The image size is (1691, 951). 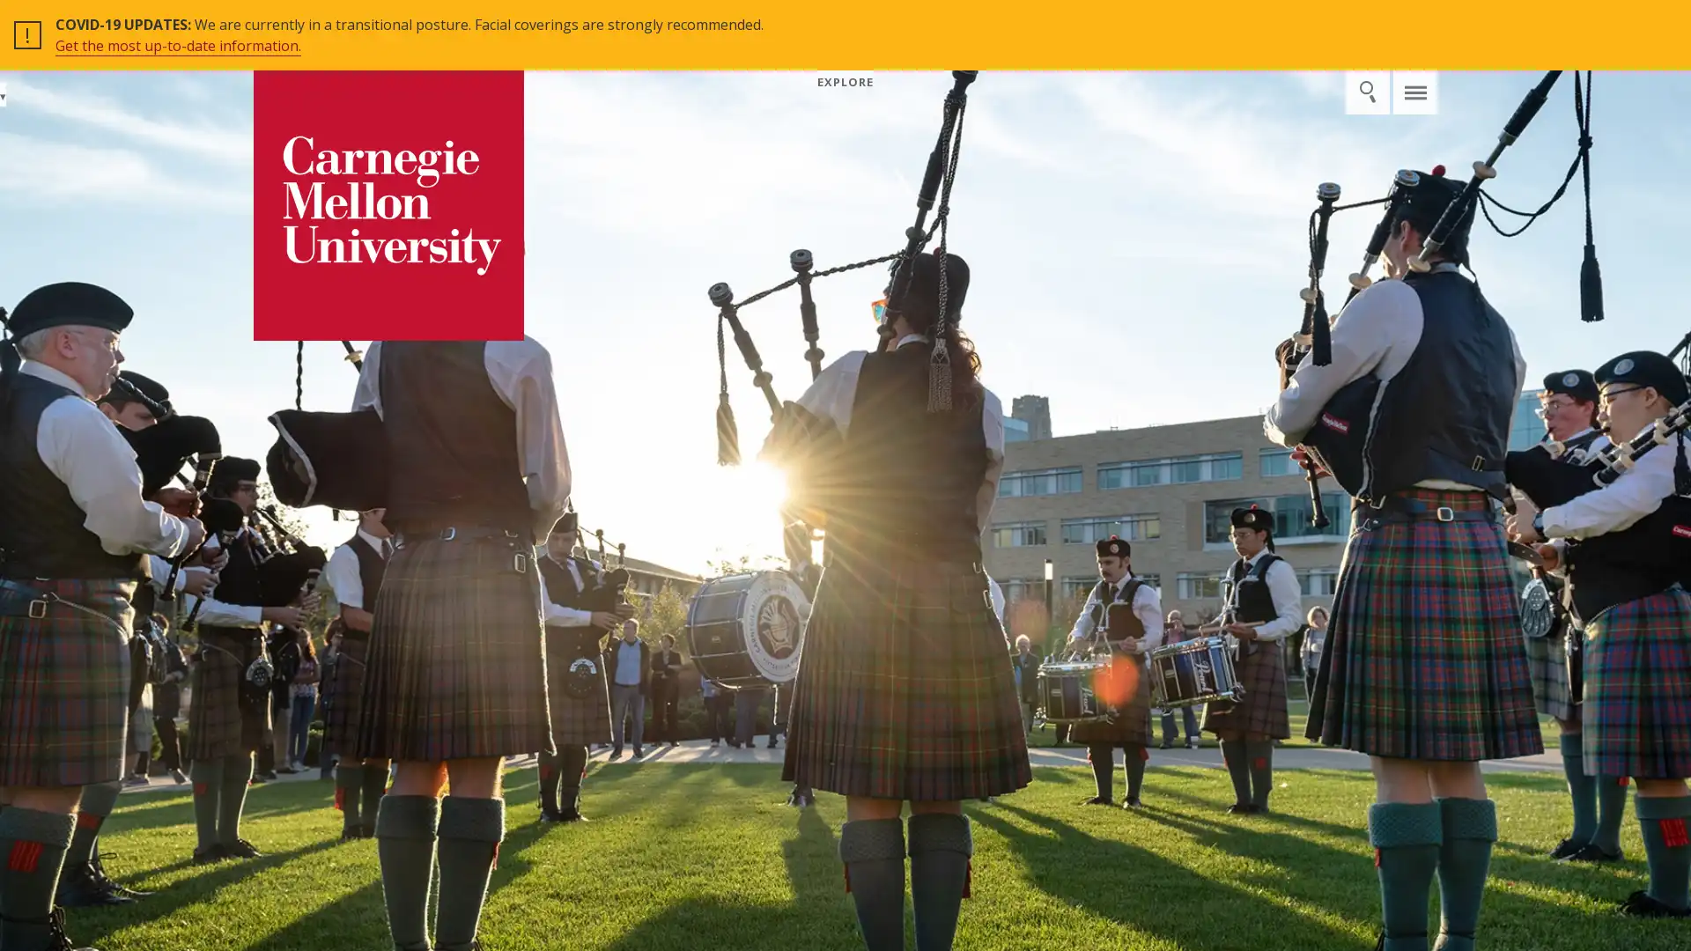 I want to click on Search, so click(x=1366, y=92).